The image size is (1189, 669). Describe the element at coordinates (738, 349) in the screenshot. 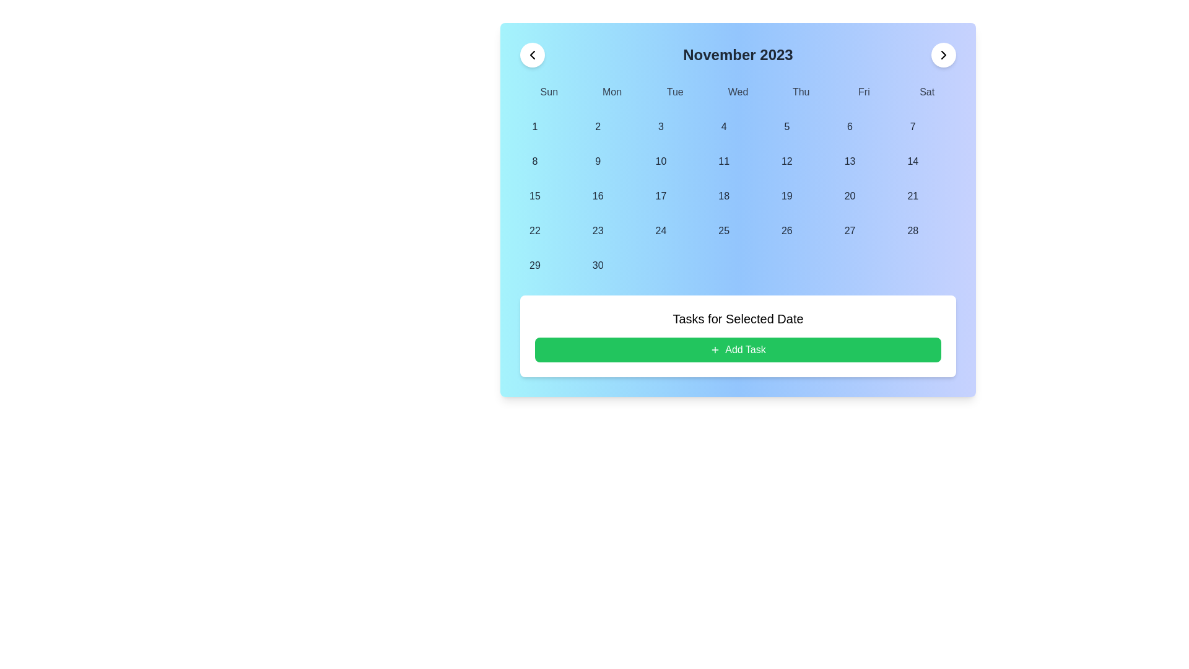

I see `the wide green button labeled 'Add Task' with a plus icon` at that location.